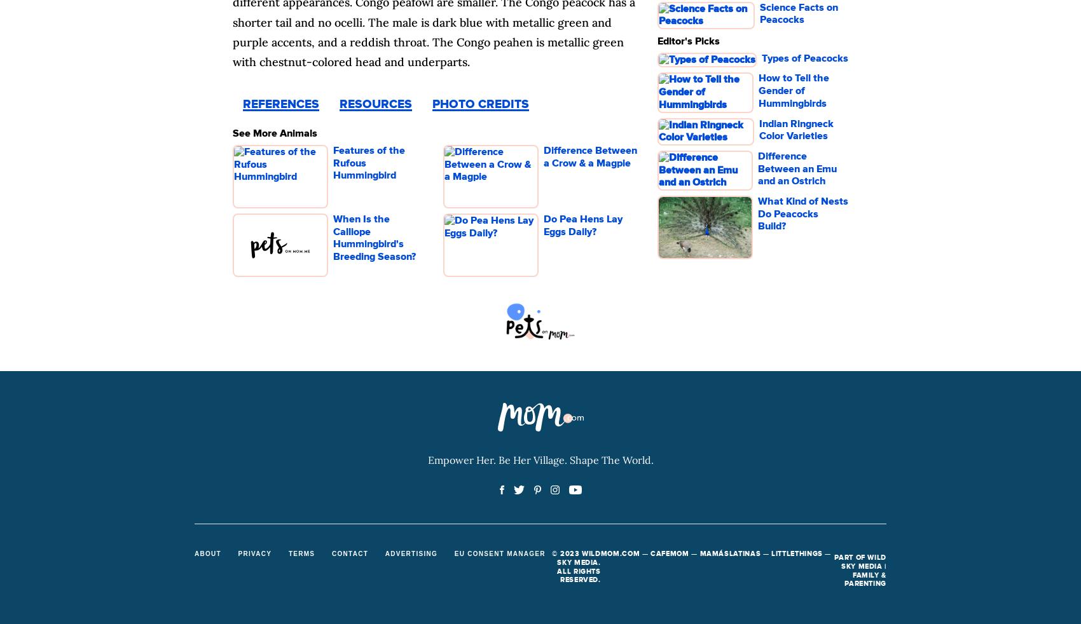 The width and height of the screenshot is (1081, 624). I want to click on 'Types of Peacocks', so click(804, 57).